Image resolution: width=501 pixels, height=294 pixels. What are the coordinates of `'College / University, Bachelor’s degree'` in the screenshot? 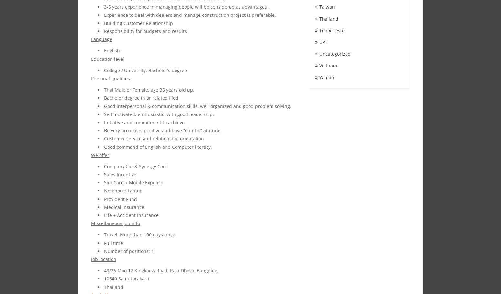 It's located at (103, 70).